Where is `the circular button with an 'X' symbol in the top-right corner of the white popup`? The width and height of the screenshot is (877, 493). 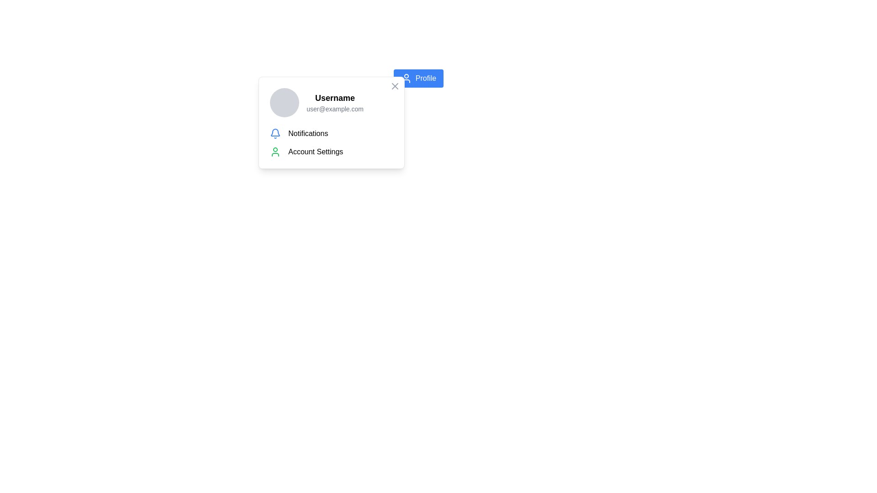
the circular button with an 'X' symbol in the top-right corner of the white popup is located at coordinates (395, 86).